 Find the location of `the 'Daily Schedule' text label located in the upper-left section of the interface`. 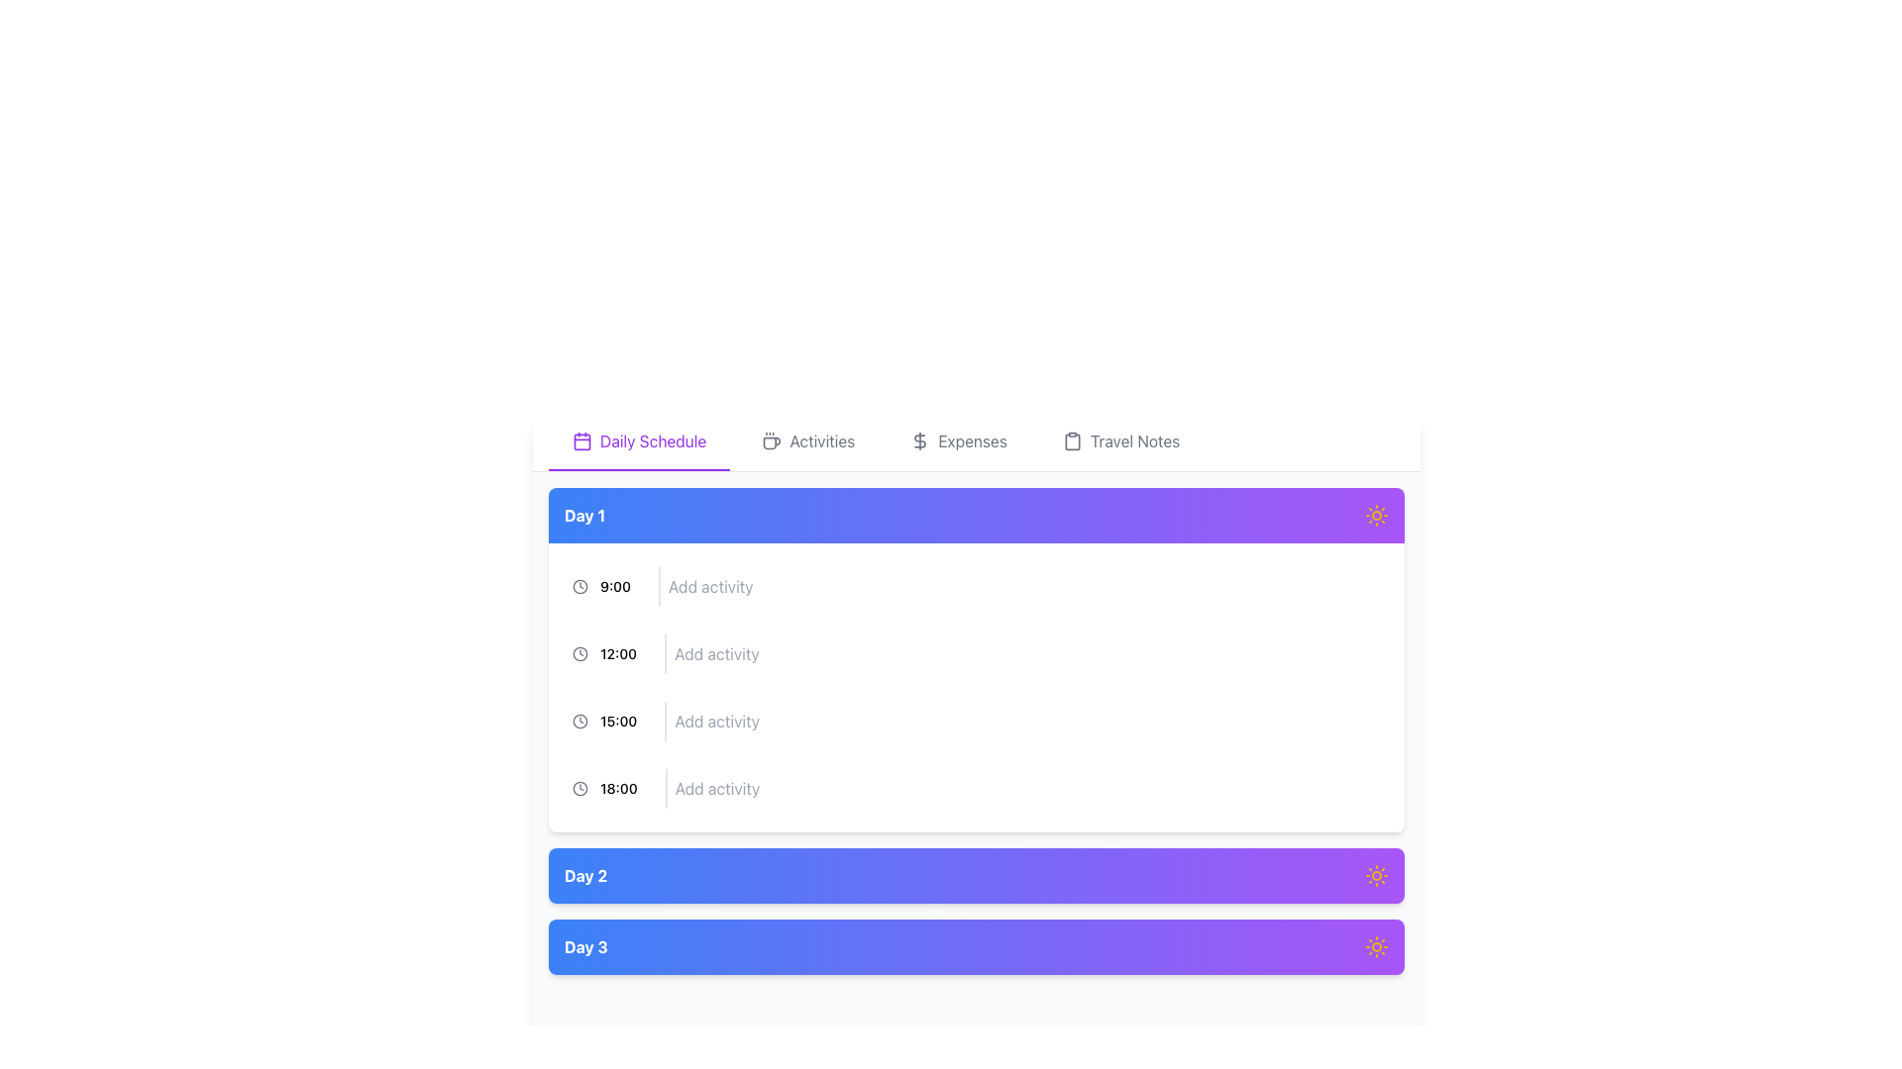

the 'Daily Schedule' text label located in the upper-left section of the interface is located at coordinates (653, 440).